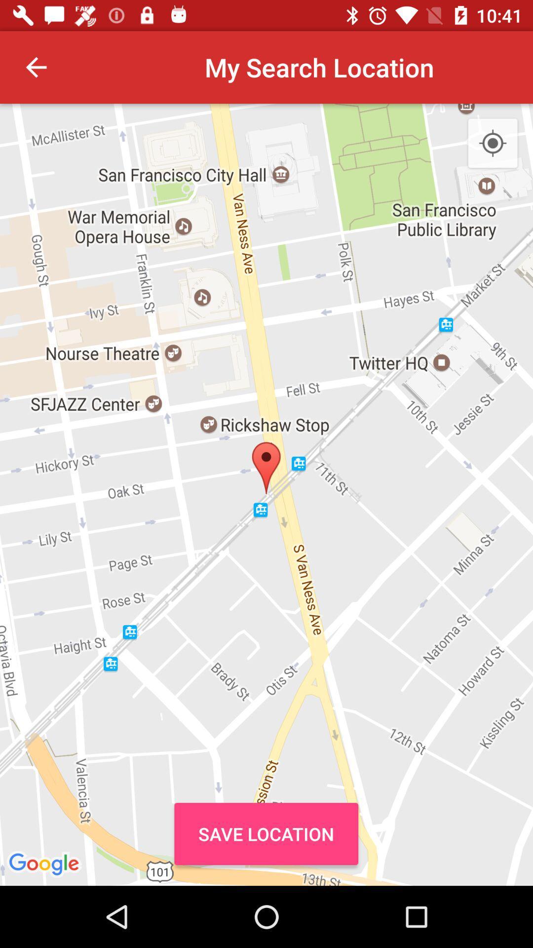 Image resolution: width=533 pixels, height=948 pixels. What do you see at coordinates (266, 495) in the screenshot?
I see `icon at the center` at bounding box center [266, 495].